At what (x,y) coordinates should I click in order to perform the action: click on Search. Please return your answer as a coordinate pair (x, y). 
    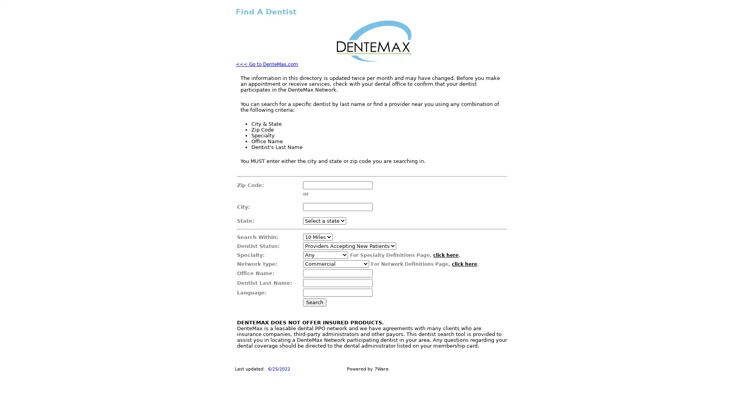
    Looking at the image, I should click on (314, 302).